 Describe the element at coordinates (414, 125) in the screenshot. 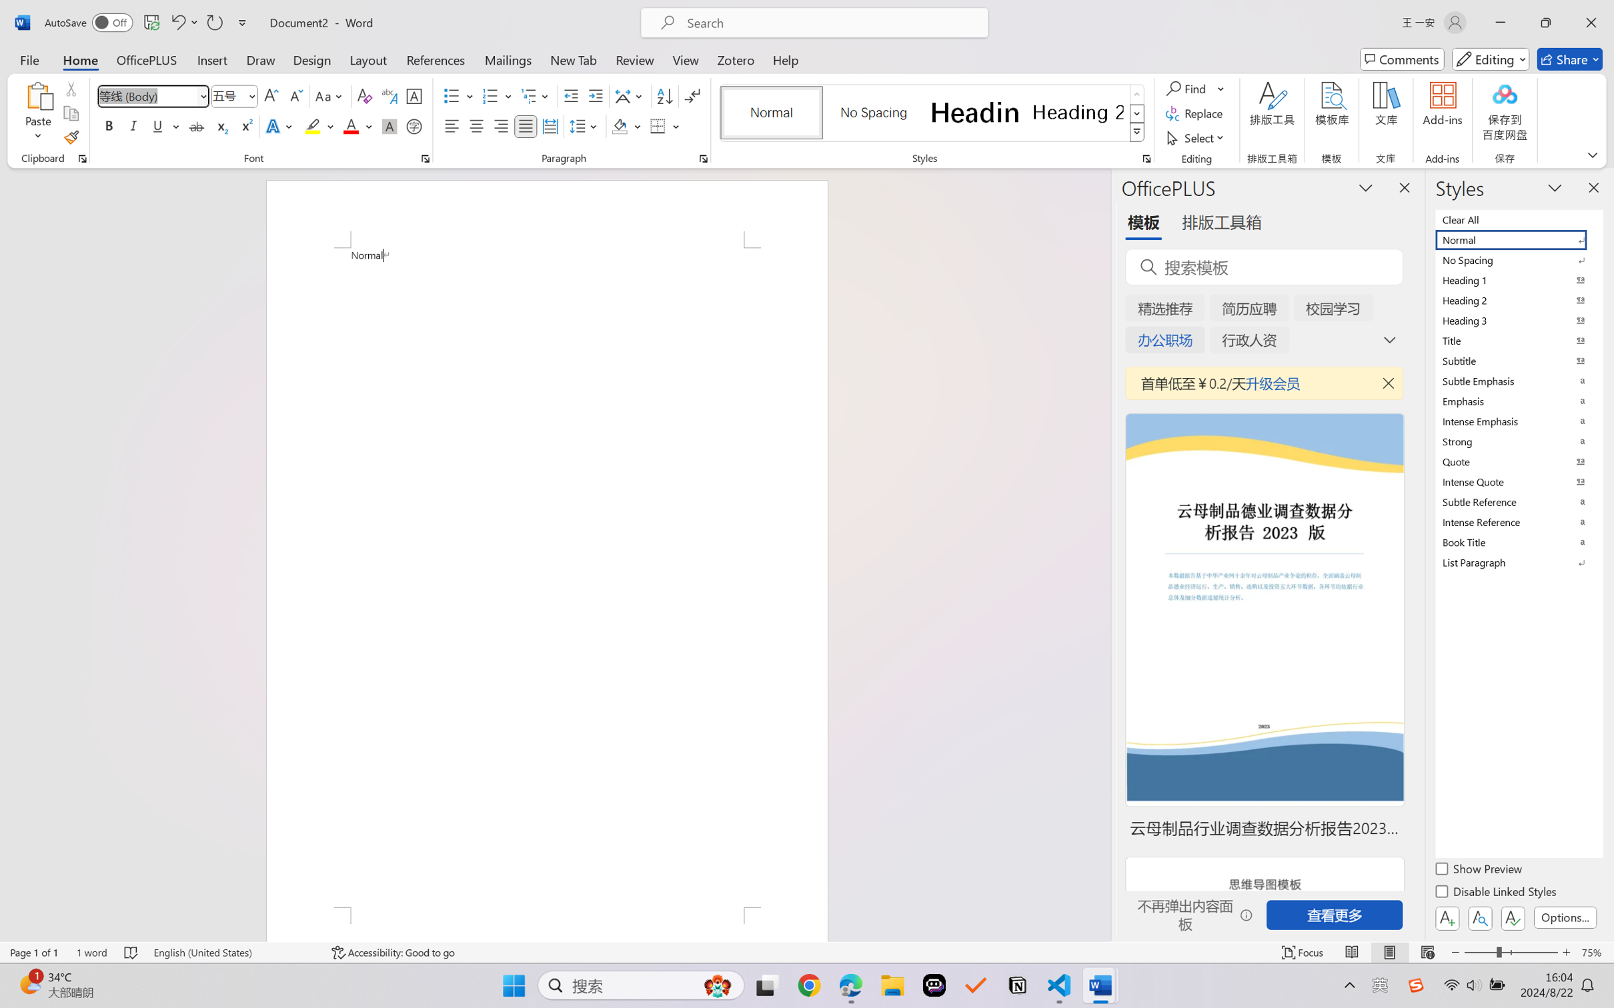

I see `'Enclose Characters...'` at that location.